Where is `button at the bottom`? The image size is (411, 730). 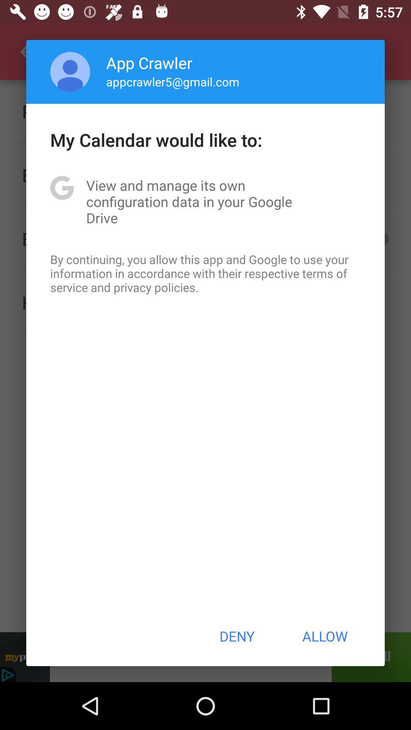 button at the bottom is located at coordinates (236, 636).